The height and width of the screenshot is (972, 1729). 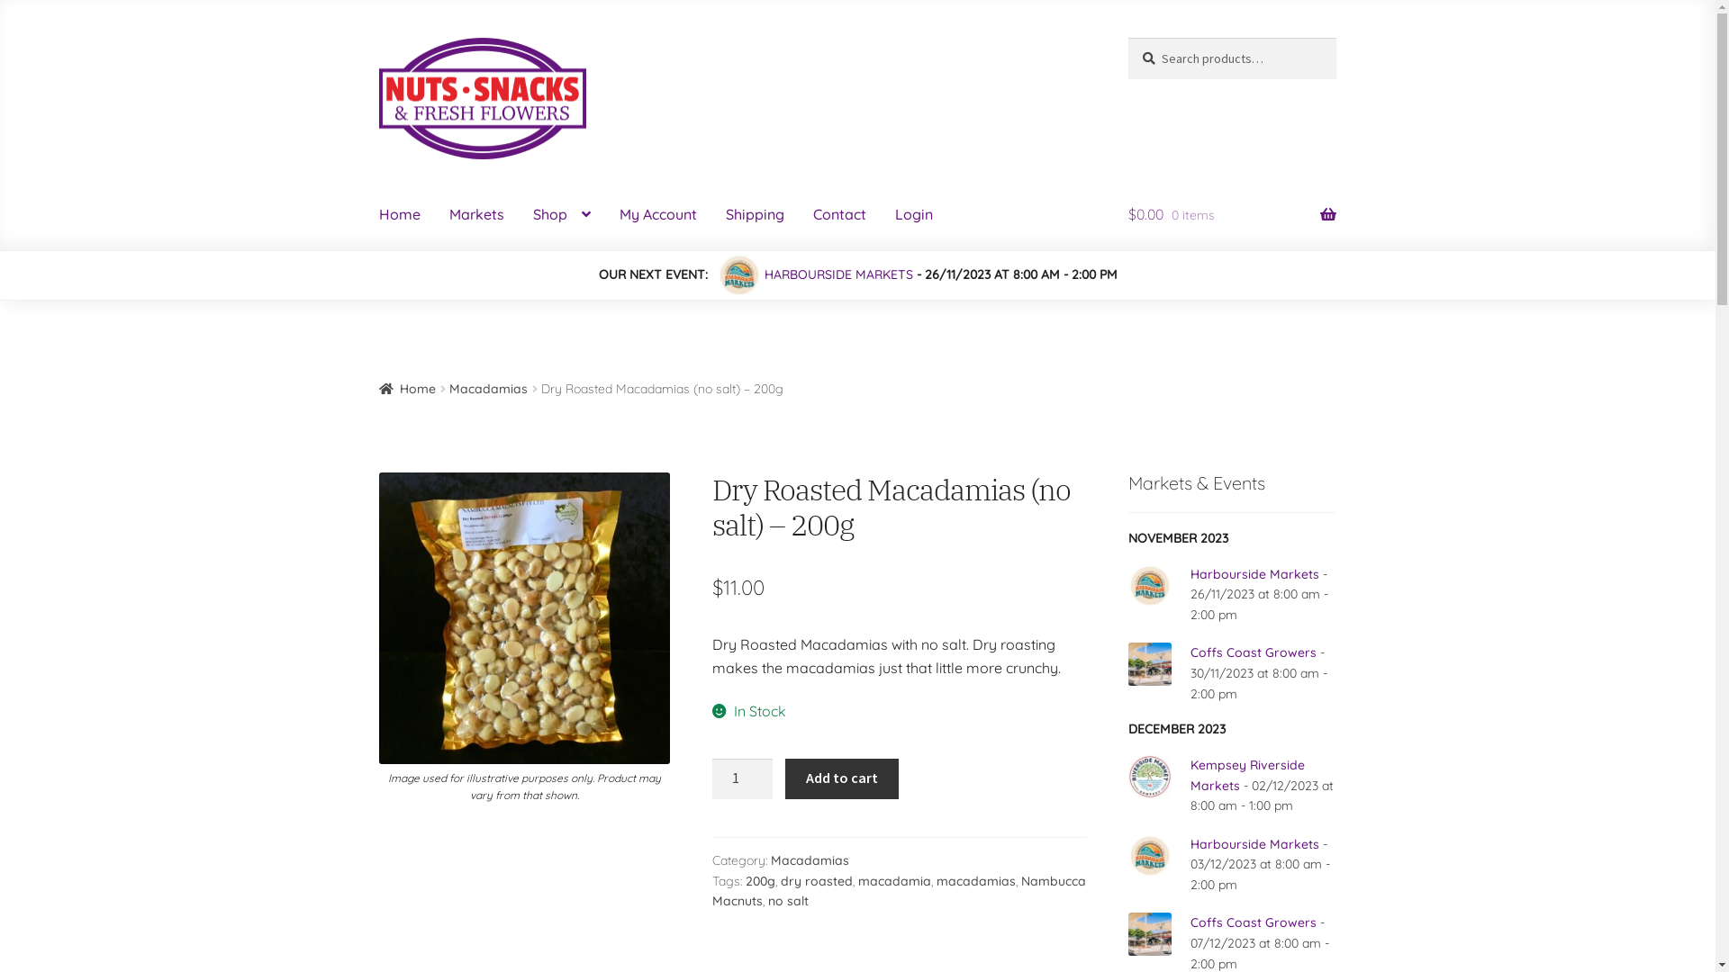 I want to click on 'My Account', so click(x=656, y=214).